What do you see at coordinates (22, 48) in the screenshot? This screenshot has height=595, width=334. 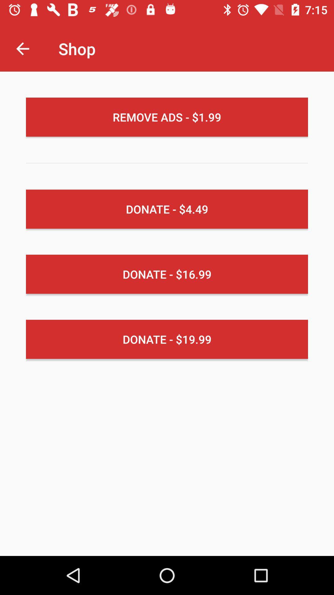 I see `the icon above remove ads 1 icon` at bounding box center [22, 48].